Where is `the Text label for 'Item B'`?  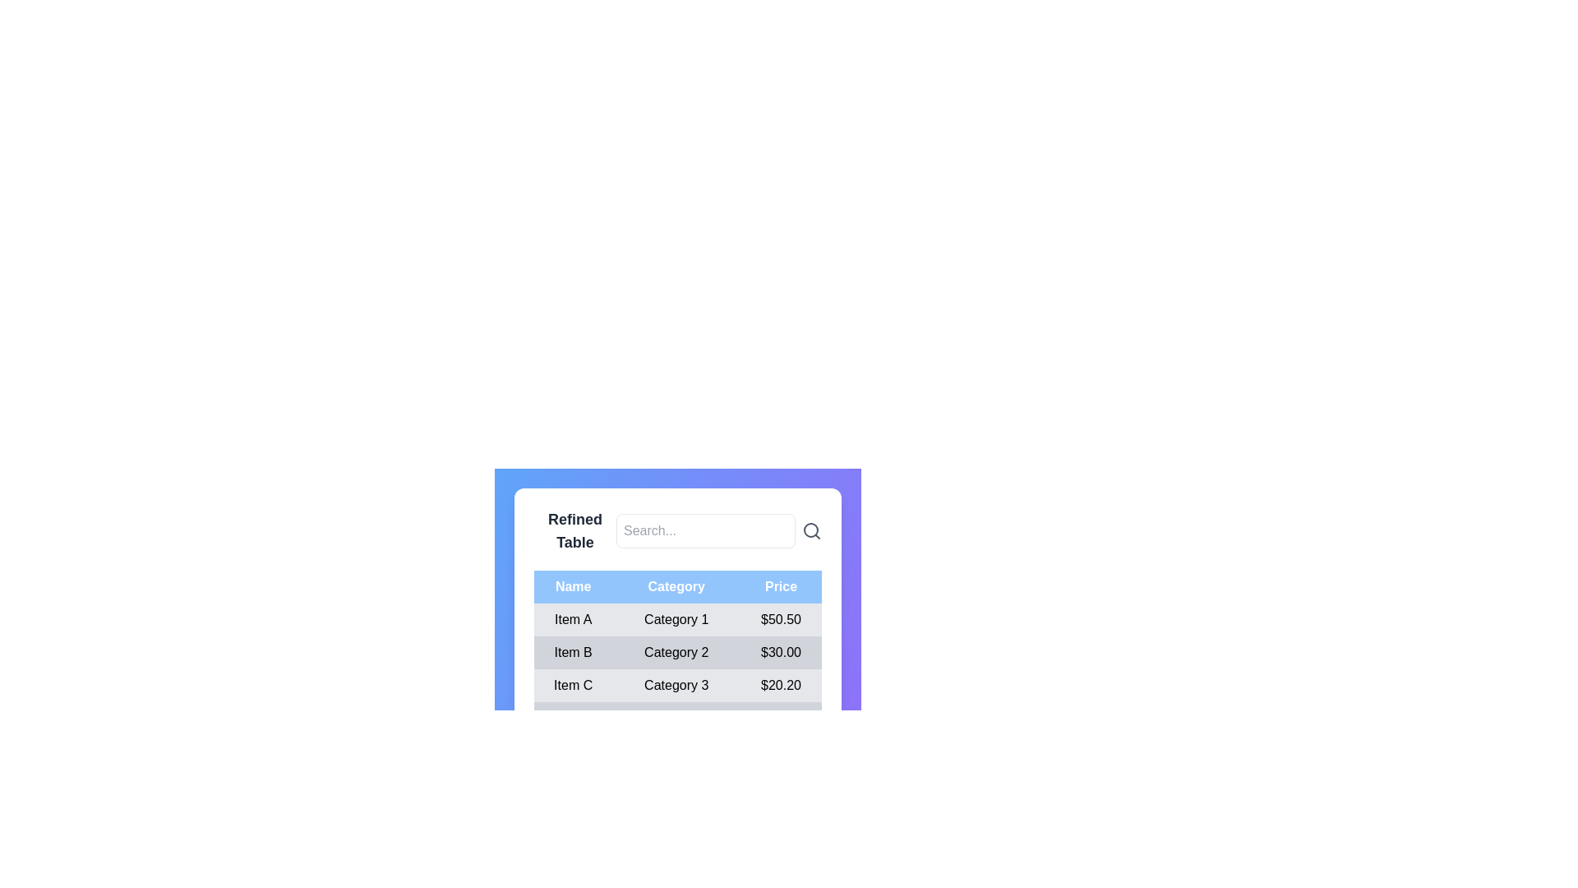
the Text label for 'Item B' is located at coordinates (676, 652).